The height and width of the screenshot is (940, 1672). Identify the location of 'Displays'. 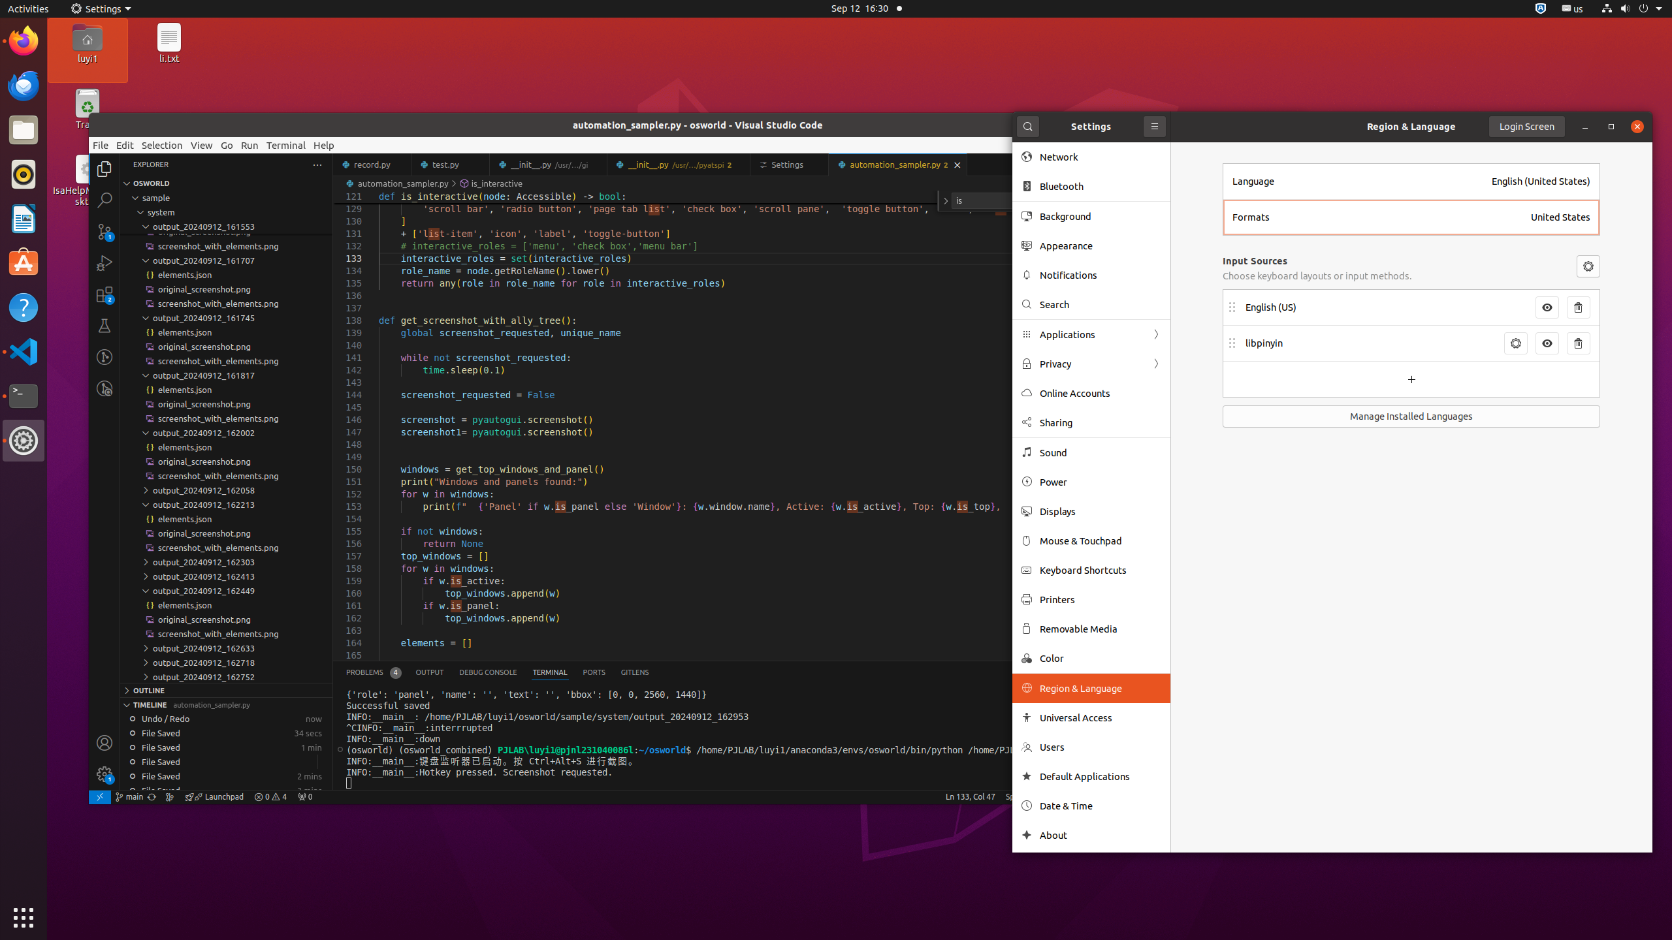
(1099, 510).